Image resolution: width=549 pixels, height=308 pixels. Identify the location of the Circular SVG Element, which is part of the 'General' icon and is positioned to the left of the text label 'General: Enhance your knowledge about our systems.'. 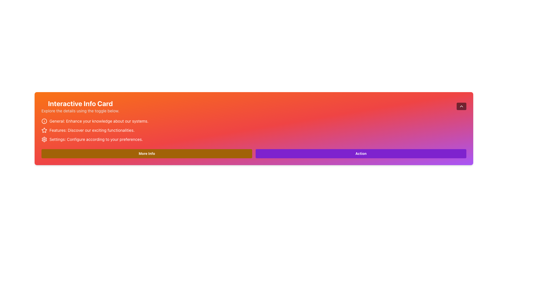
(44, 121).